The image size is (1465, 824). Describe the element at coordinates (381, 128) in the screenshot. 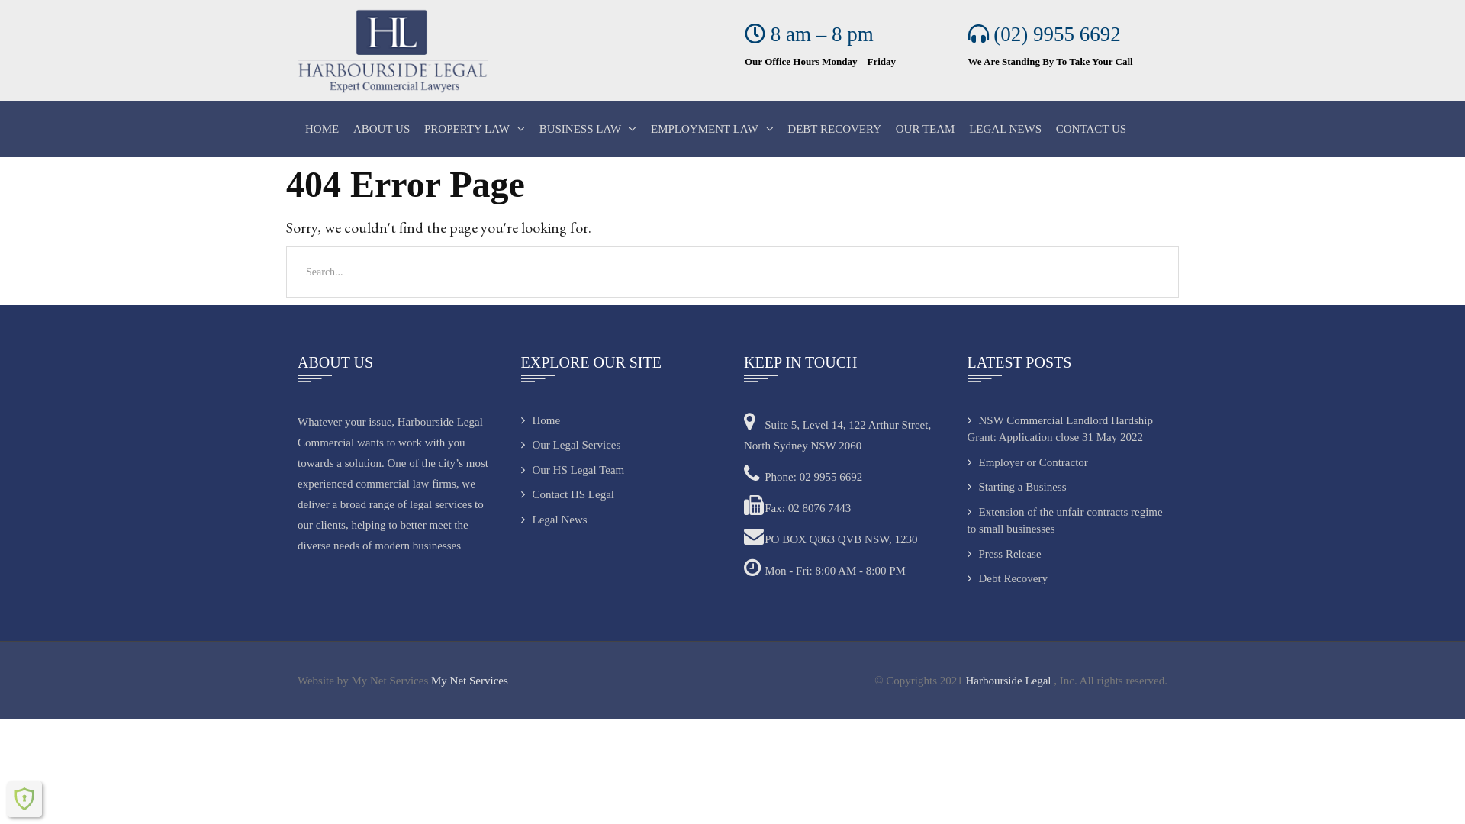

I see `'ABOUT US'` at that location.